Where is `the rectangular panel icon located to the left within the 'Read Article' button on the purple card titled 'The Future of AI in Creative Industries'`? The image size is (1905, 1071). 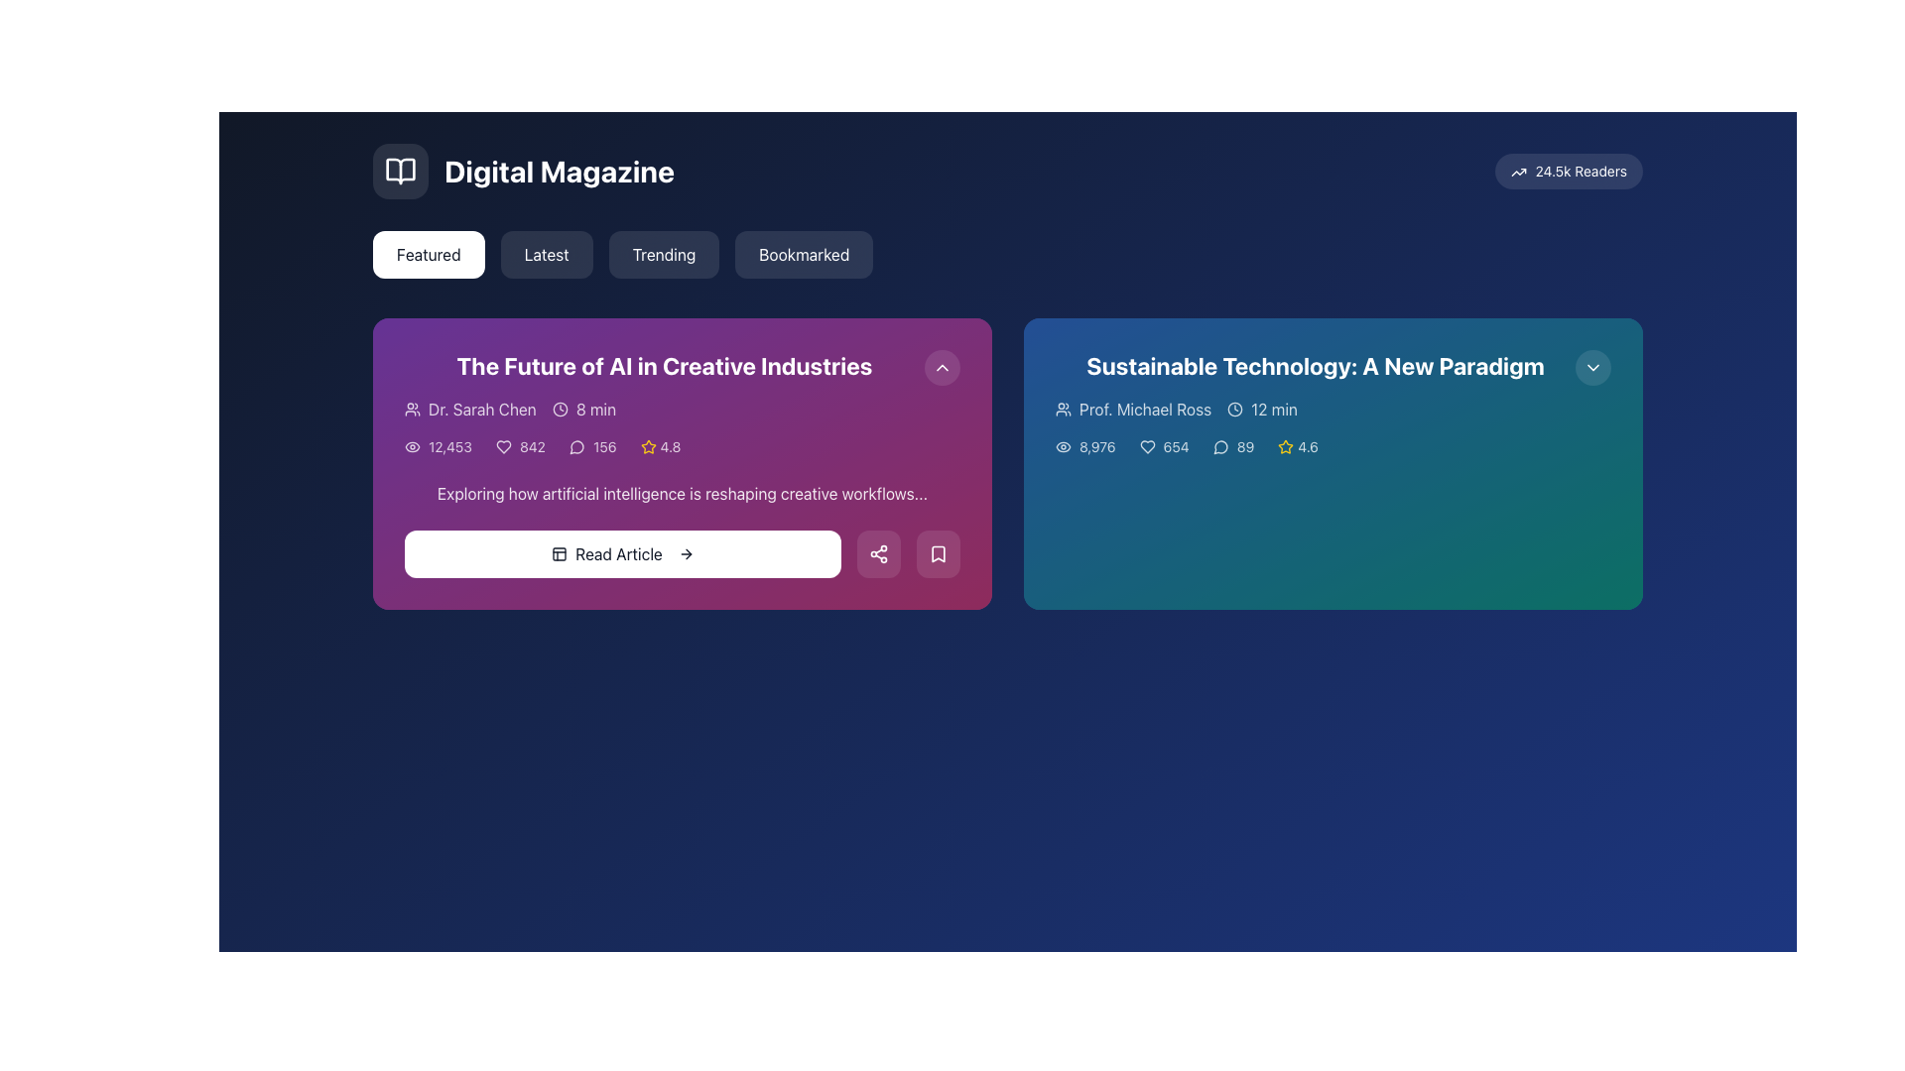 the rectangular panel icon located to the left within the 'Read Article' button on the purple card titled 'The Future of AI in Creative Industries' is located at coordinates (559, 554).